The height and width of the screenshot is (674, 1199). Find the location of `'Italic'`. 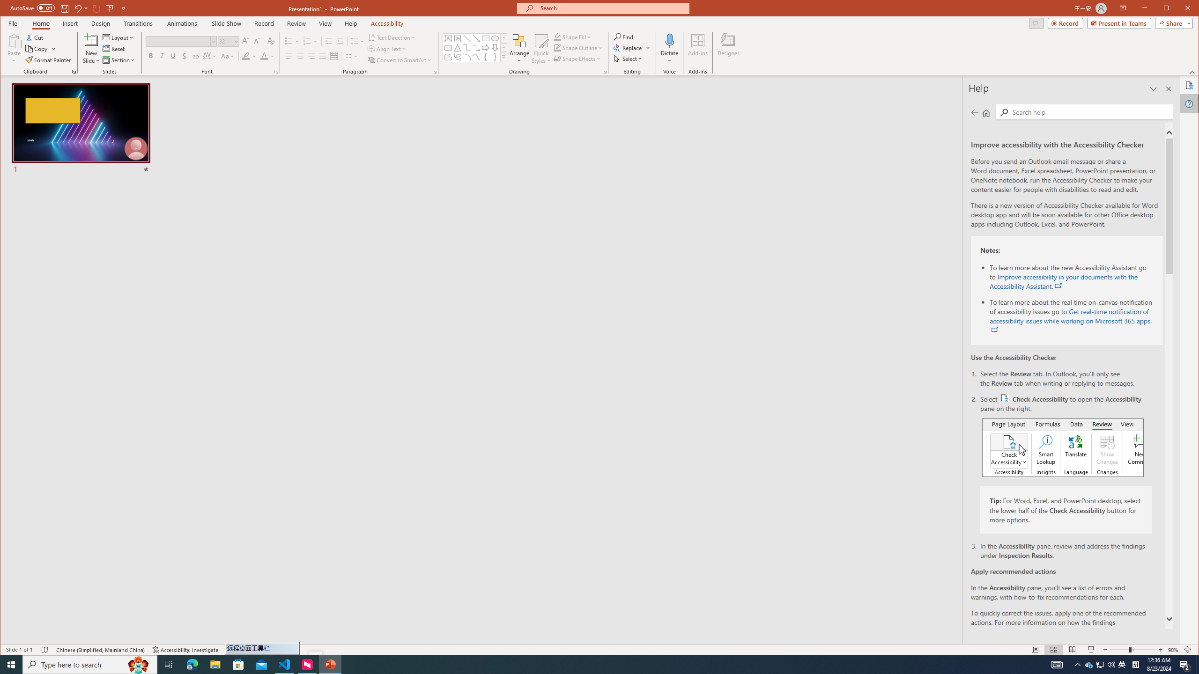

'Italic' is located at coordinates (162, 56).